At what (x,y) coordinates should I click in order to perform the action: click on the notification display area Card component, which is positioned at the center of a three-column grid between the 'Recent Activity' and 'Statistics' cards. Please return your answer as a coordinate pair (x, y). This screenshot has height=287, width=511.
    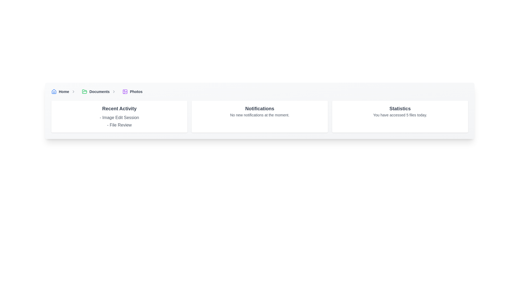
    Looking at the image, I should click on (259, 116).